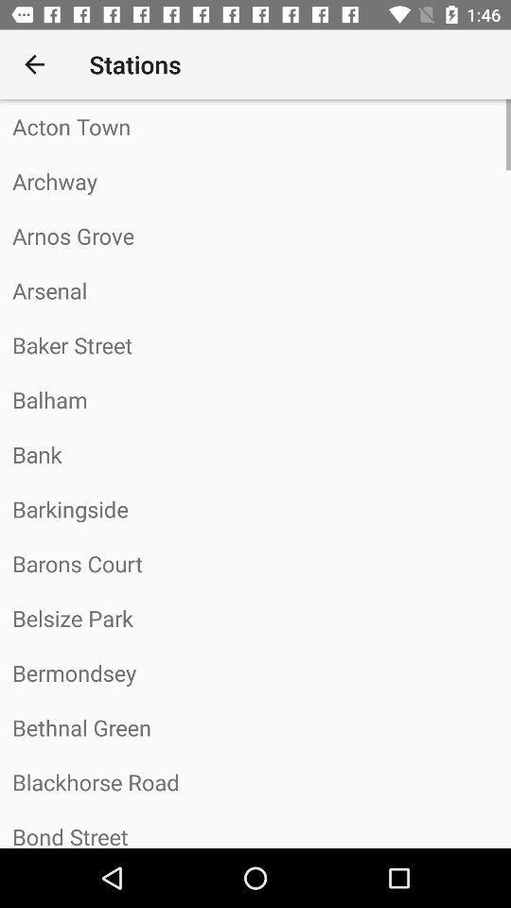 The width and height of the screenshot is (511, 908). Describe the element at coordinates (255, 672) in the screenshot. I see `the bermondsey item` at that location.